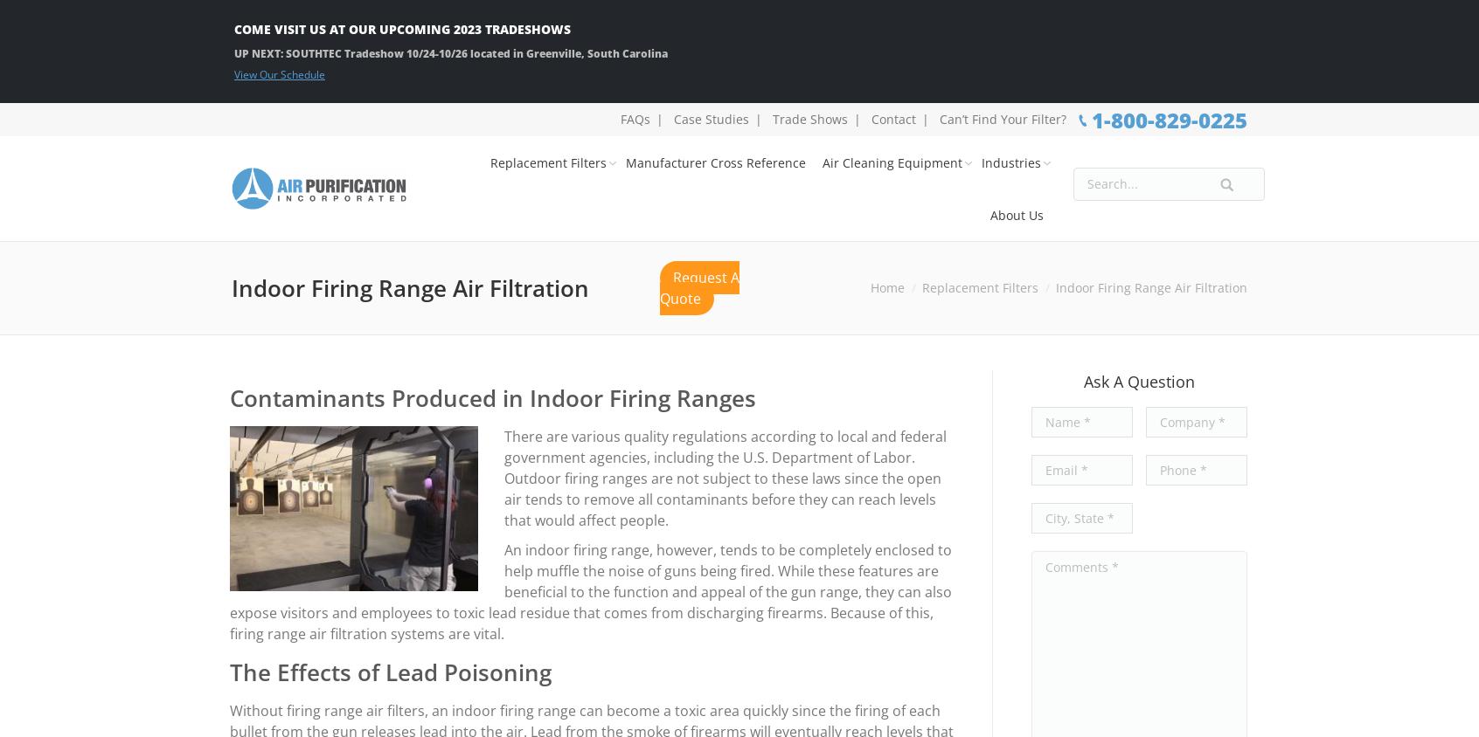 Image resolution: width=1479 pixels, height=737 pixels. I want to click on 'Home', so click(870, 287).